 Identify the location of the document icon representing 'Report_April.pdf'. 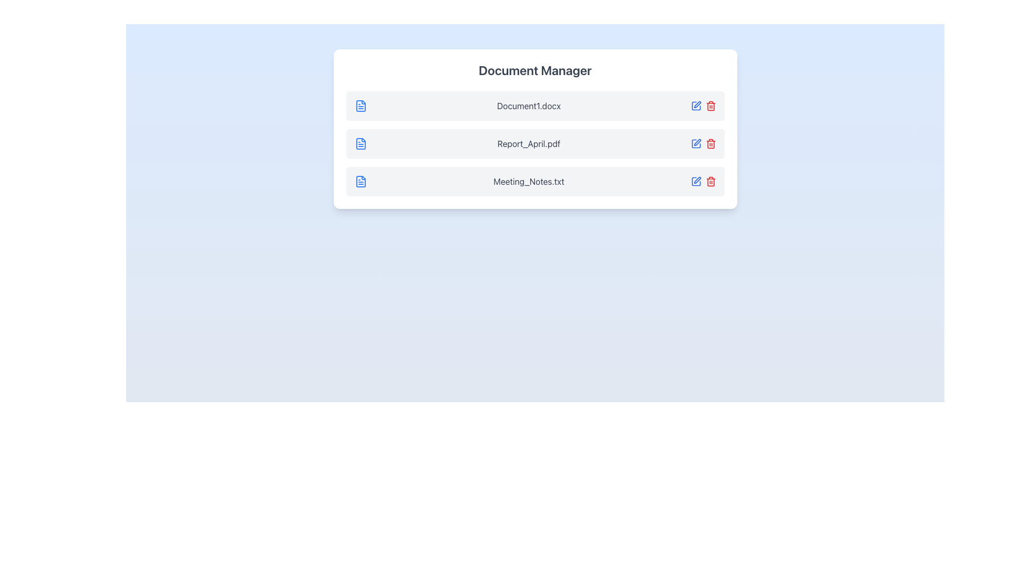
(361, 143).